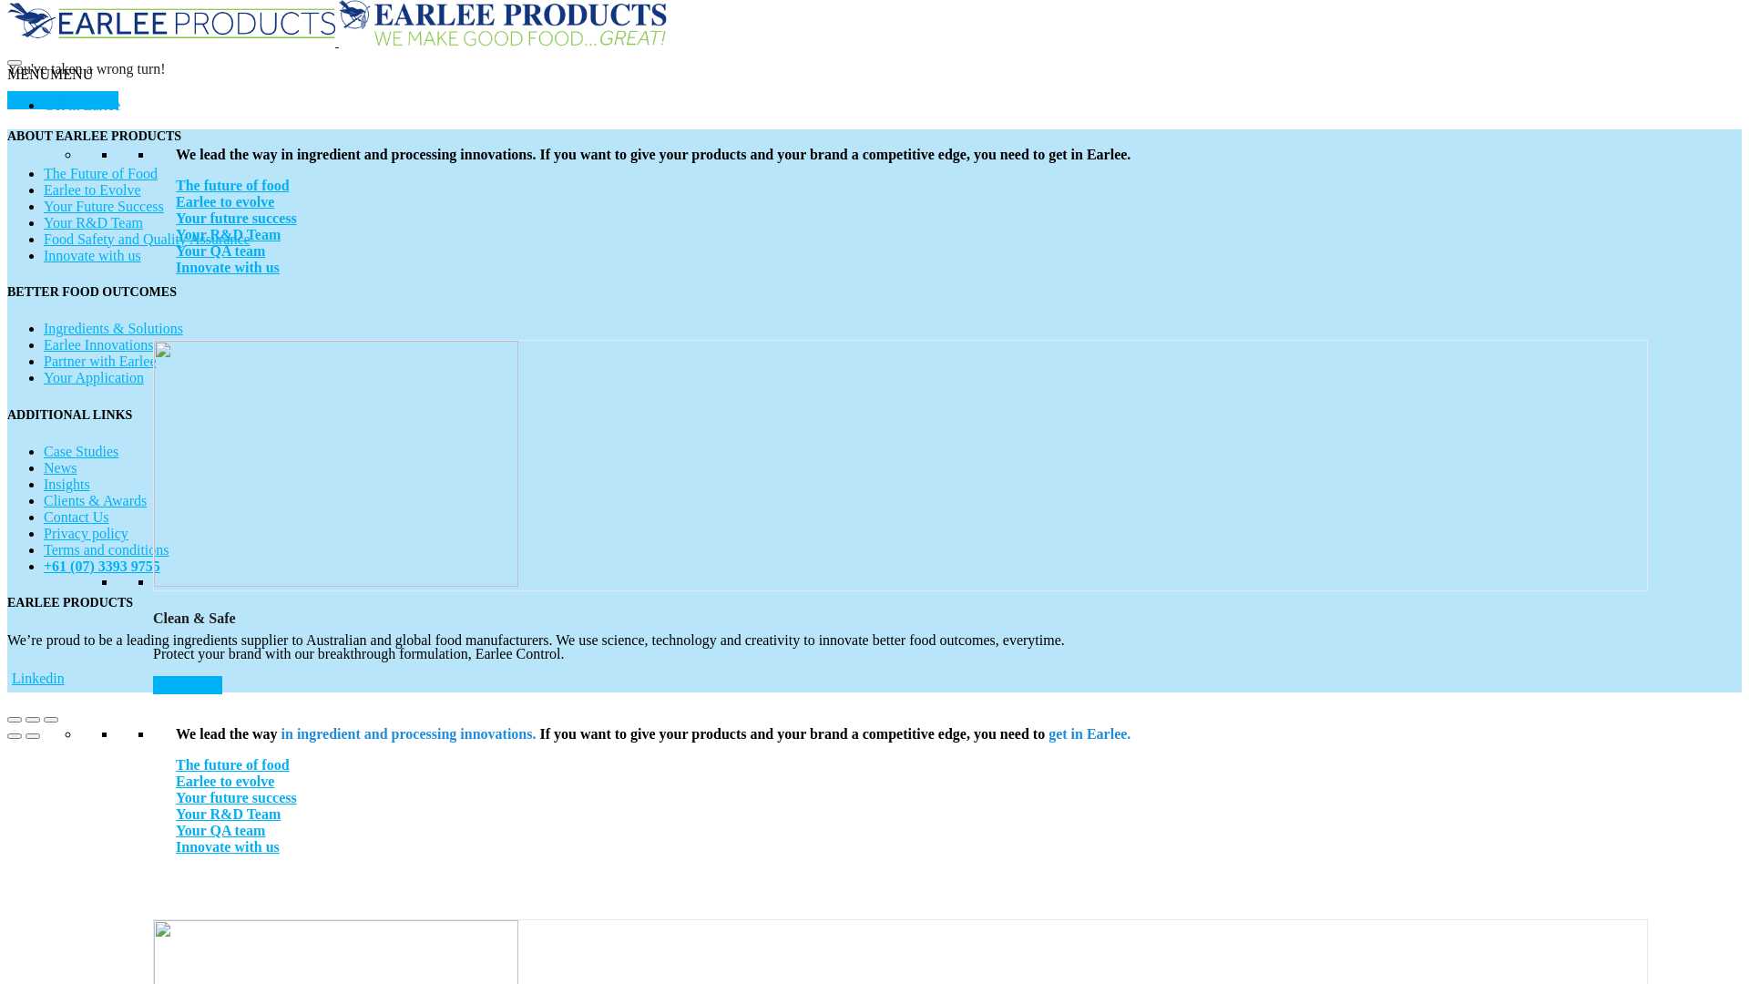 This screenshot has height=984, width=1749. What do you see at coordinates (105, 548) in the screenshot?
I see `'Terms and conditions'` at bounding box center [105, 548].